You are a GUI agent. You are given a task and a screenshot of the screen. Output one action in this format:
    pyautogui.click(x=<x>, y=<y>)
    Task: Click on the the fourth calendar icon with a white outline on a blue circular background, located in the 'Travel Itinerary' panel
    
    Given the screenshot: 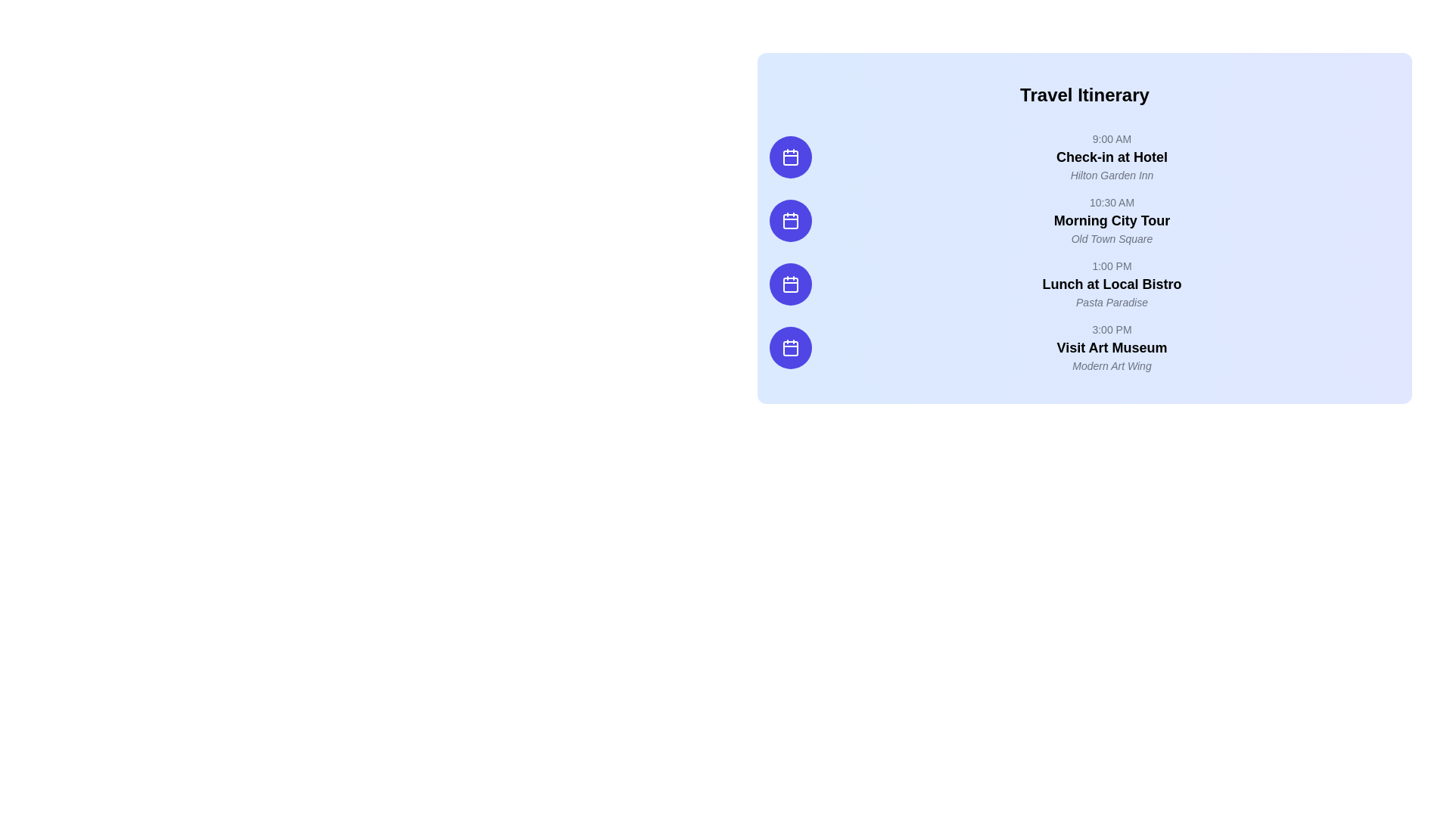 What is the action you would take?
    pyautogui.click(x=790, y=347)
    